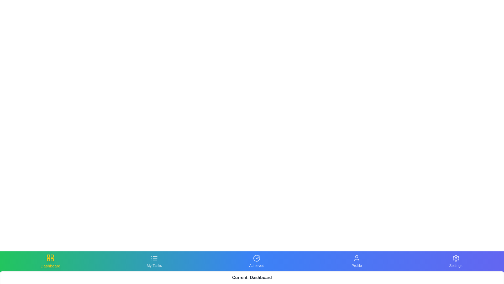 Image resolution: width=504 pixels, height=284 pixels. What do you see at coordinates (356, 261) in the screenshot?
I see `the Profile tab in the bottom navigation bar to switch views` at bounding box center [356, 261].